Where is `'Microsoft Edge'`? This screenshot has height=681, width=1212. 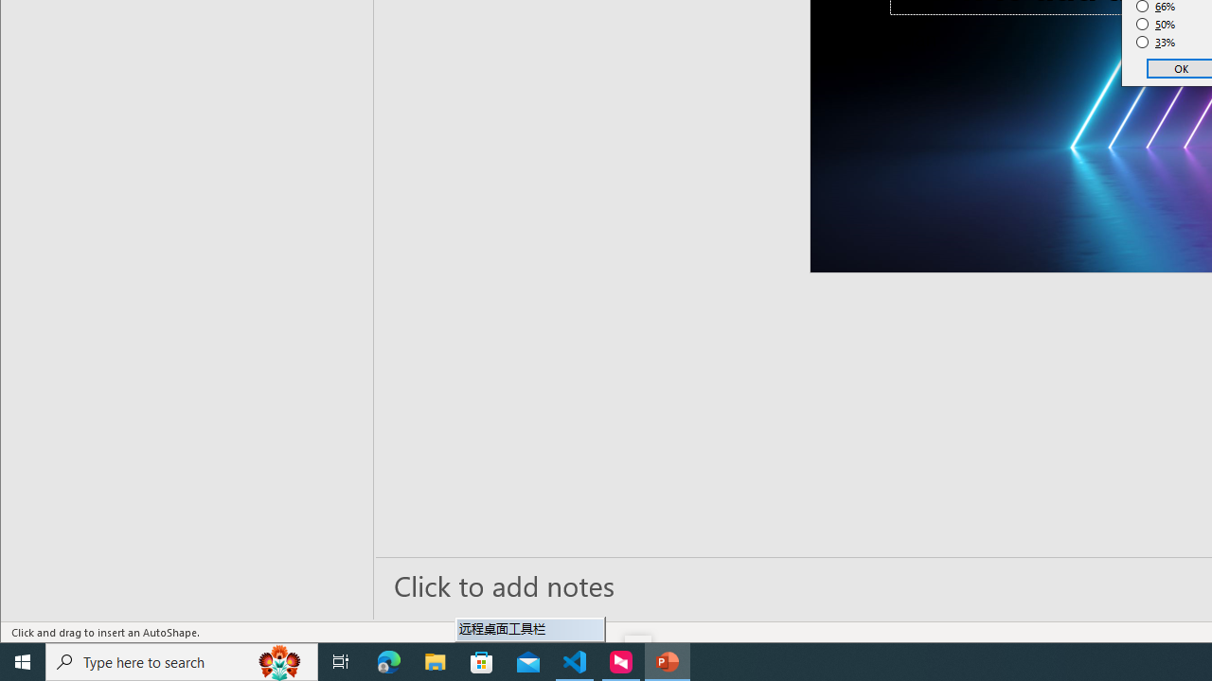
'Microsoft Edge' is located at coordinates (388, 660).